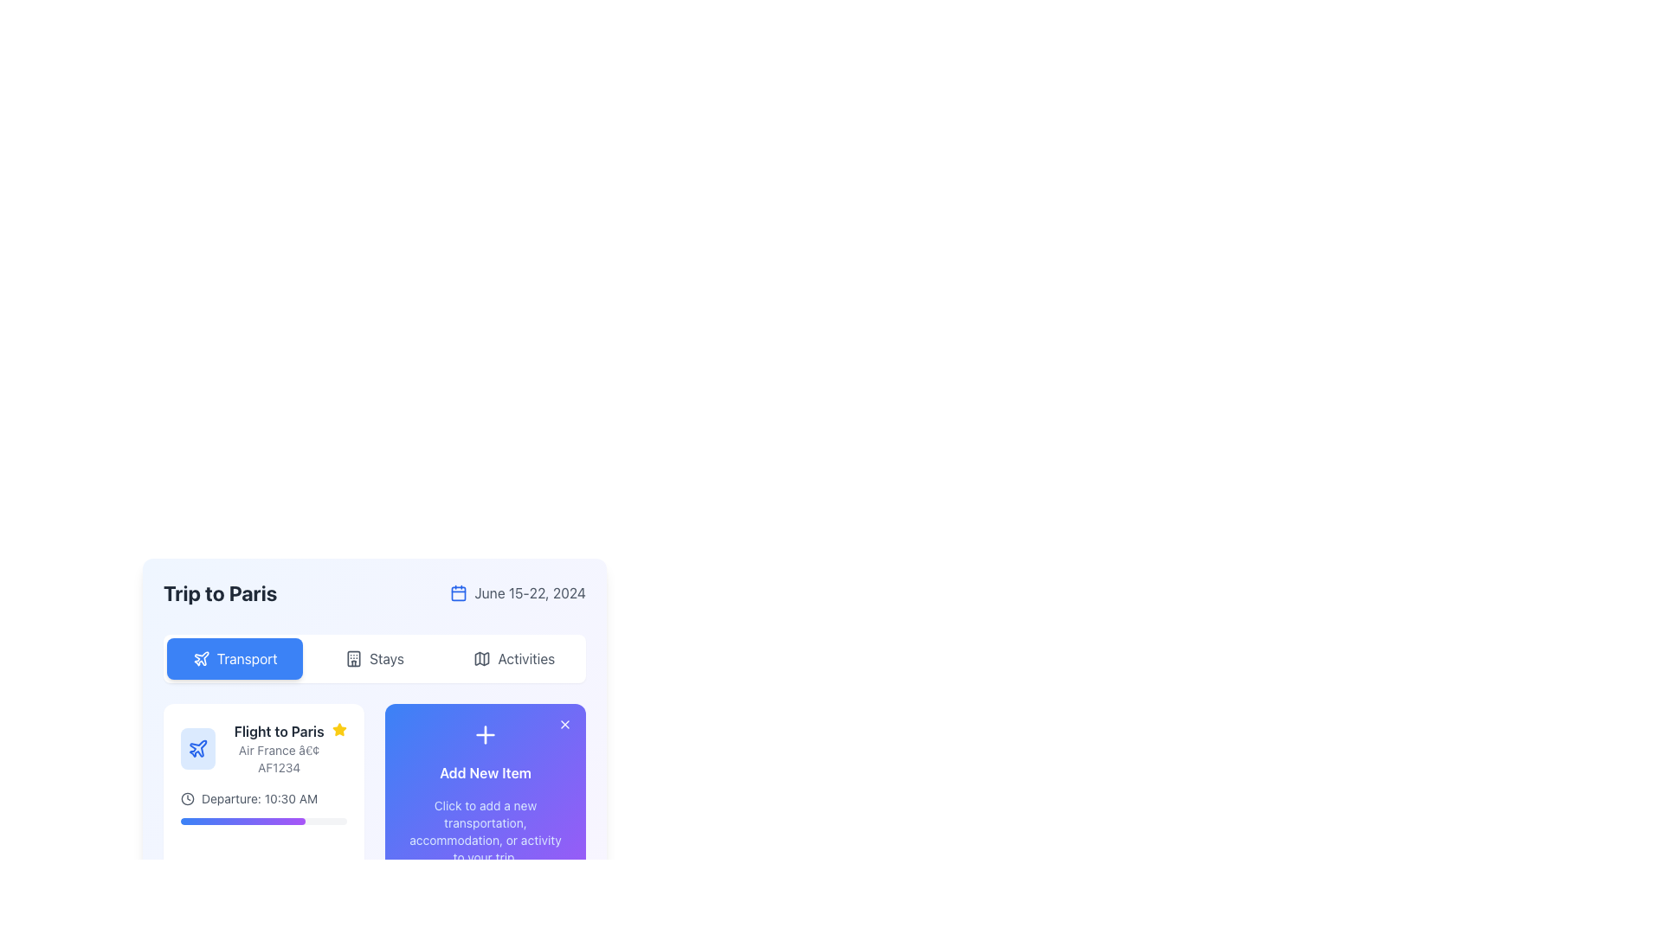 Image resolution: width=1662 pixels, height=934 pixels. Describe the element at coordinates (259, 799) in the screenshot. I see `information displayed in the text label that shows 'Departure: 10:30 AM', which is styled in a small, gray font and is located adjacent to a clock icon` at that location.